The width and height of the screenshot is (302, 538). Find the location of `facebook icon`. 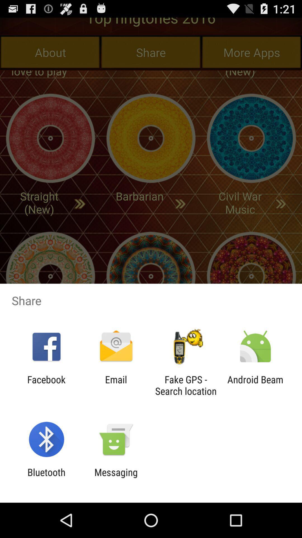

facebook icon is located at coordinates (46, 385).